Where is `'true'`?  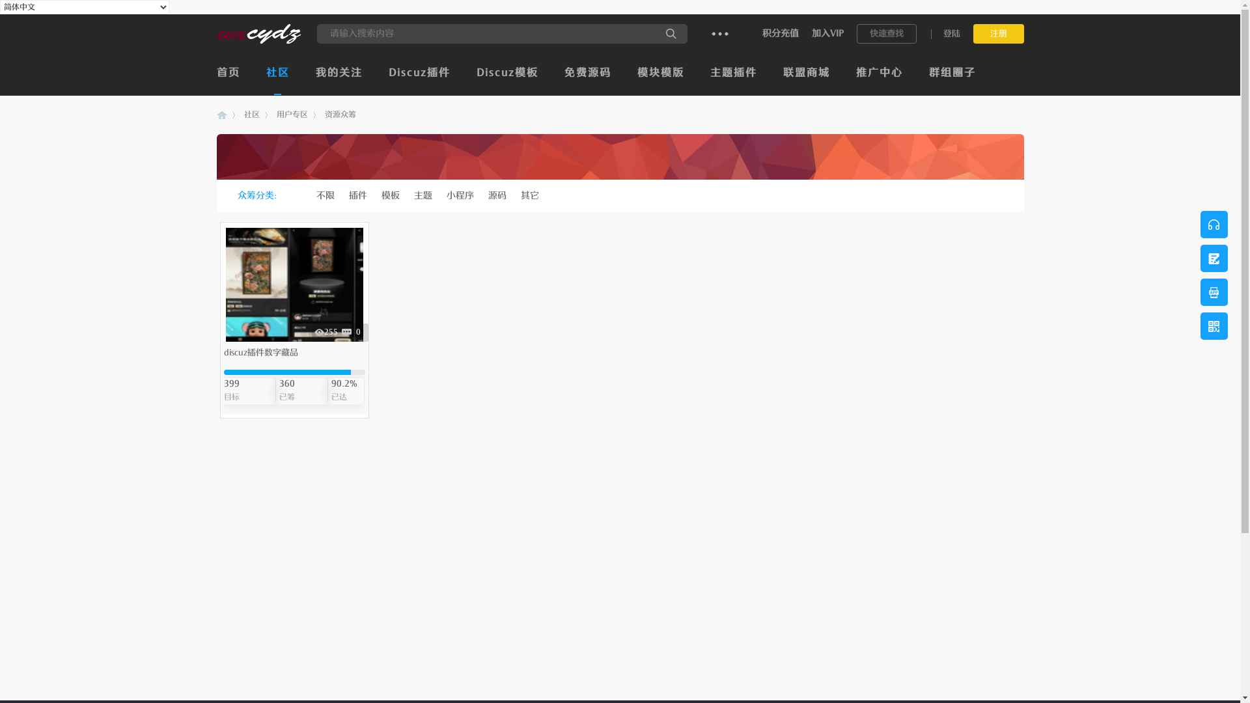
'true' is located at coordinates (671, 33).